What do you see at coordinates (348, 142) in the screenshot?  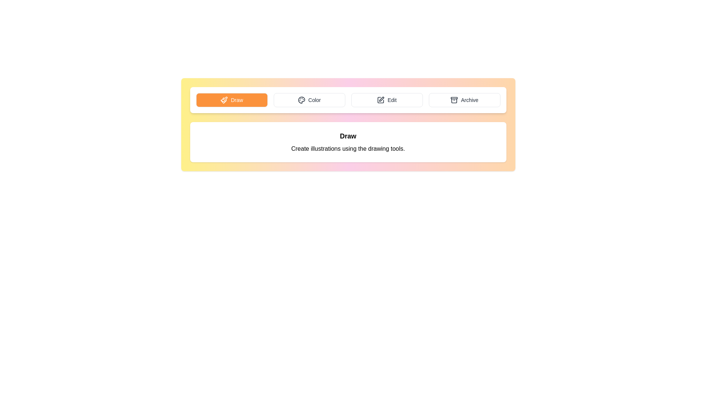 I see `the detailed view text to select it` at bounding box center [348, 142].